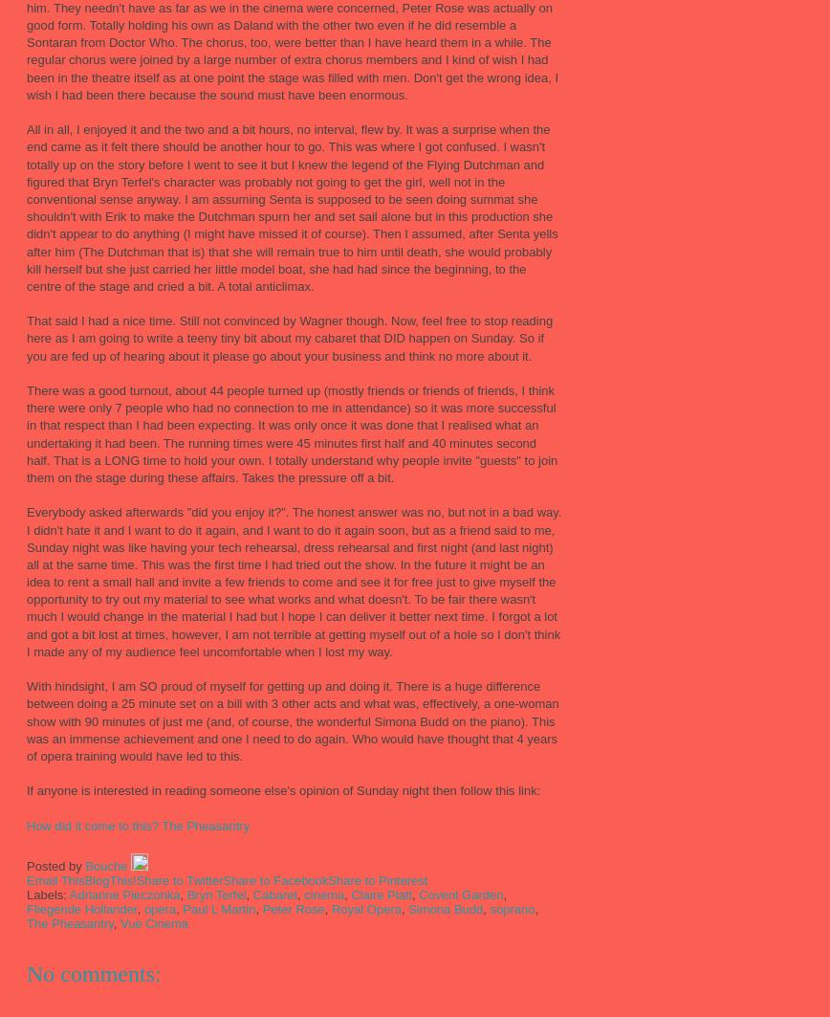  Describe the element at coordinates (27, 789) in the screenshot. I see `'If anyone is interested in reading someone else's opinion of Sunday night then follow this link:'` at that location.